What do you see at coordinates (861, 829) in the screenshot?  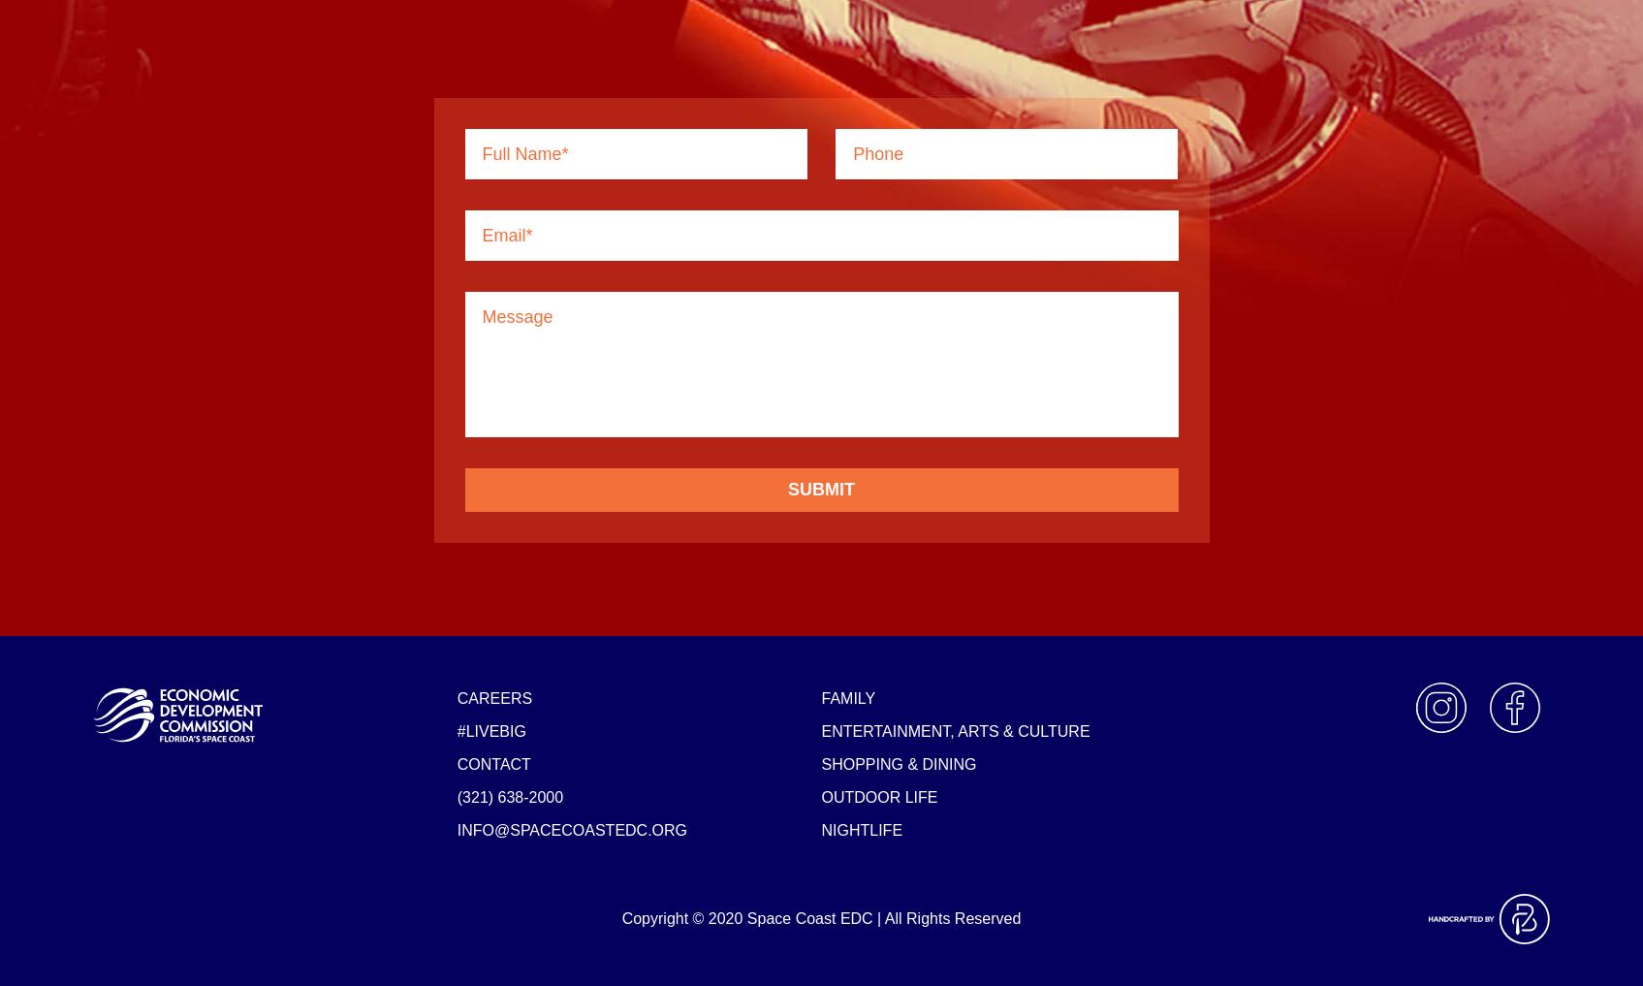 I see `'Nightlife'` at bounding box center [861, 829].